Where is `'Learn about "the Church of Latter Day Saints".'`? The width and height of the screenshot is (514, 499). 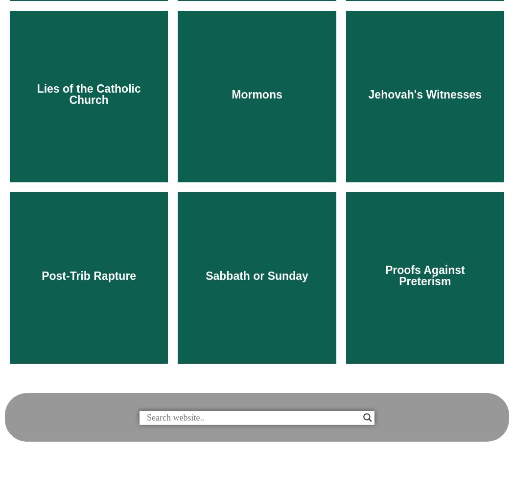
'Learn about "the Church of Latter Day Saints".' is located at coordinates (195, 262).